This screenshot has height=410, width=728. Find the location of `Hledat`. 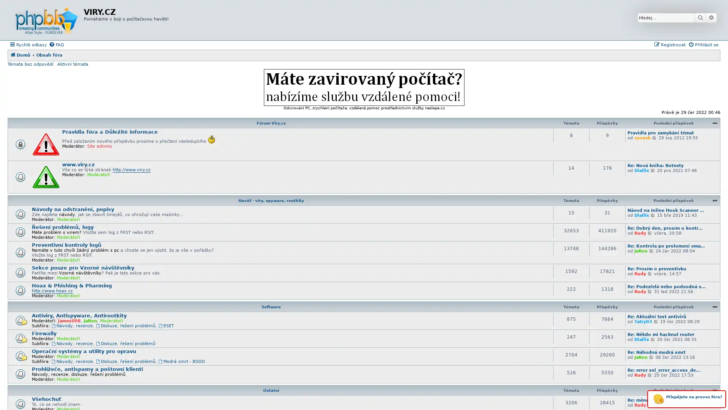

Hledat is located at coordinates (700, 17).